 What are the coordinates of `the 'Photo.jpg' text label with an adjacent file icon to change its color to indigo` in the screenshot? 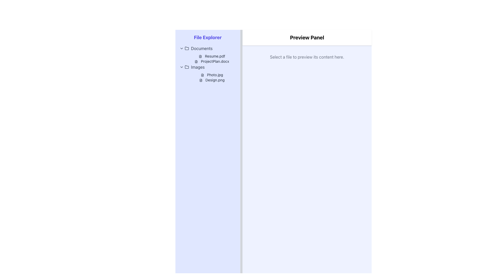 It's located at (212, 75).